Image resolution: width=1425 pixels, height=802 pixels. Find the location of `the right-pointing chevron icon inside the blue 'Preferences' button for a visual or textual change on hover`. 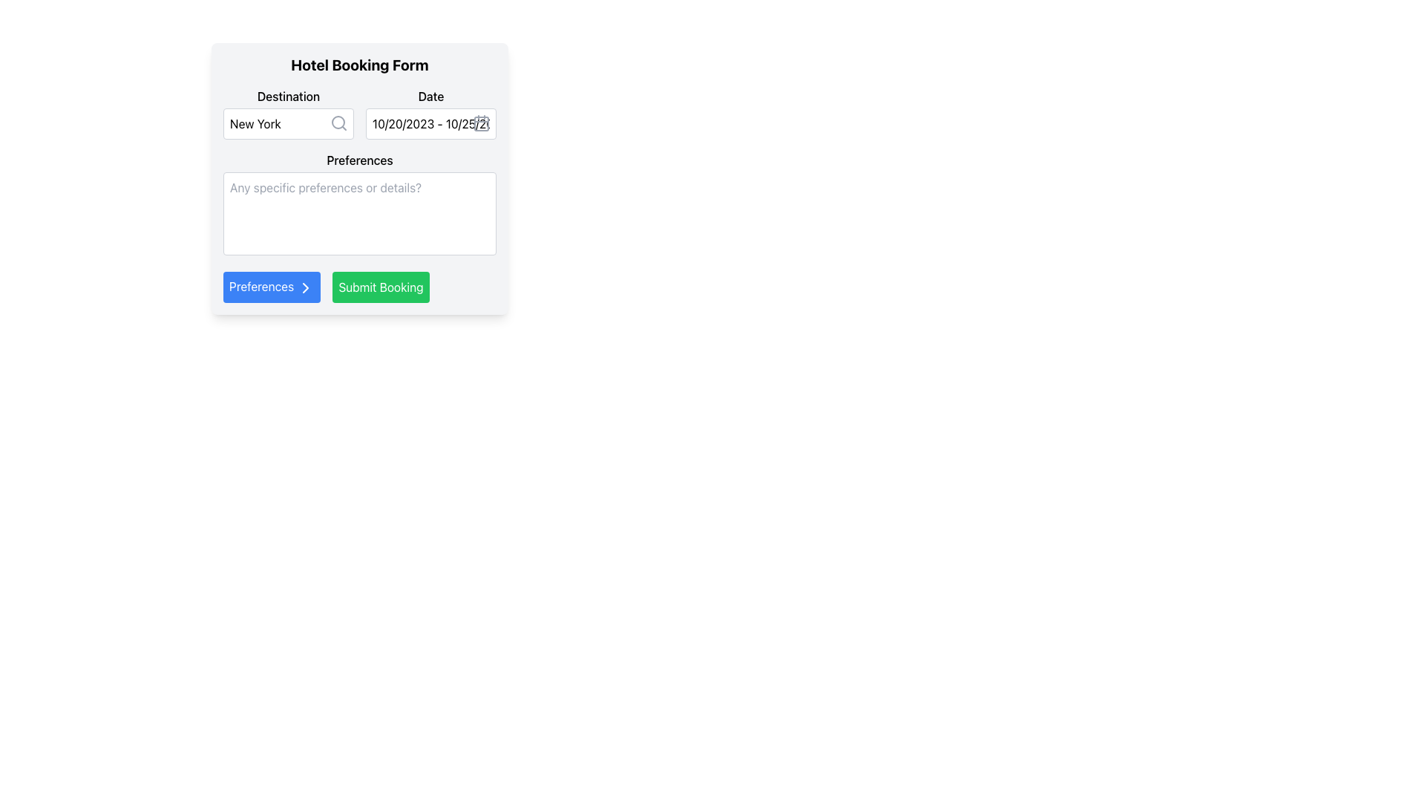

the right-pointing chevron icon inside the blue 'Preferences' button for a visual or textual change on hover is located at coordinates (305, 287).